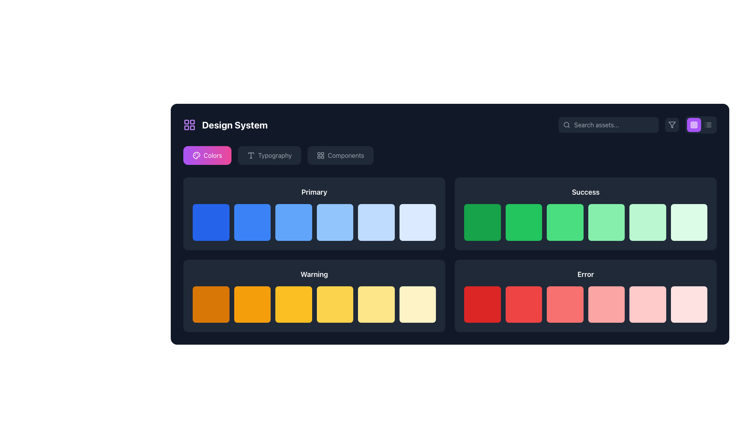  What do you see at coordinates (314, 213) in the screenshot?
I see `the interactive color swatch with a light blue background in the 'Primary' color palette` at bounding box center [314, 213].